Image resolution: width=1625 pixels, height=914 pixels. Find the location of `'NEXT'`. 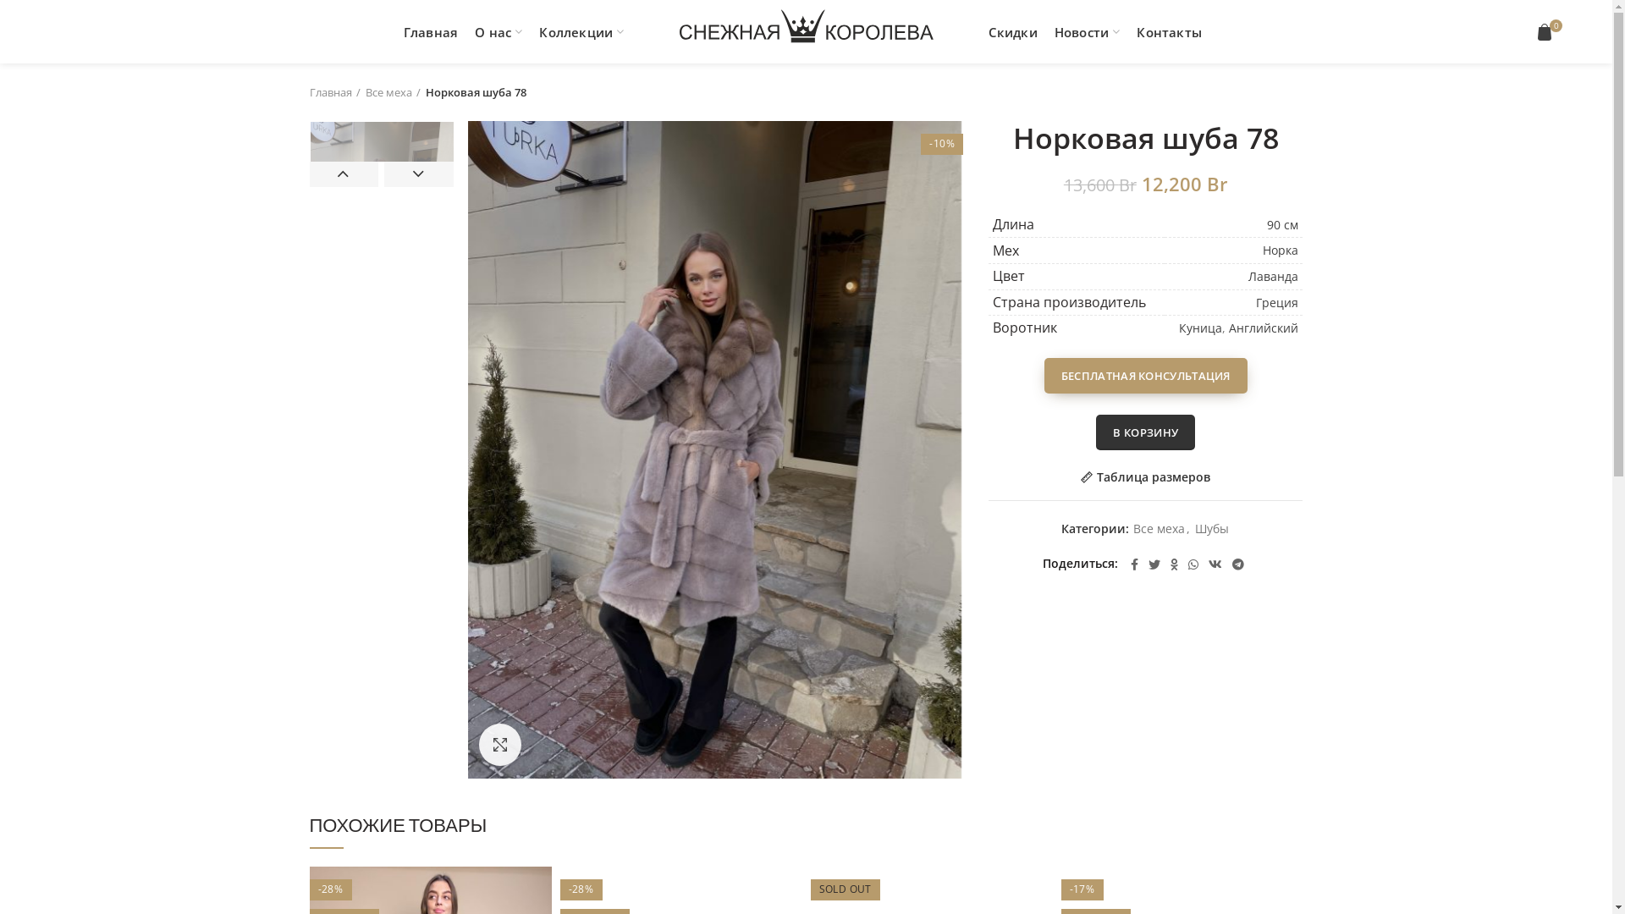

'NEXT' is located at coordinates (418, 173).